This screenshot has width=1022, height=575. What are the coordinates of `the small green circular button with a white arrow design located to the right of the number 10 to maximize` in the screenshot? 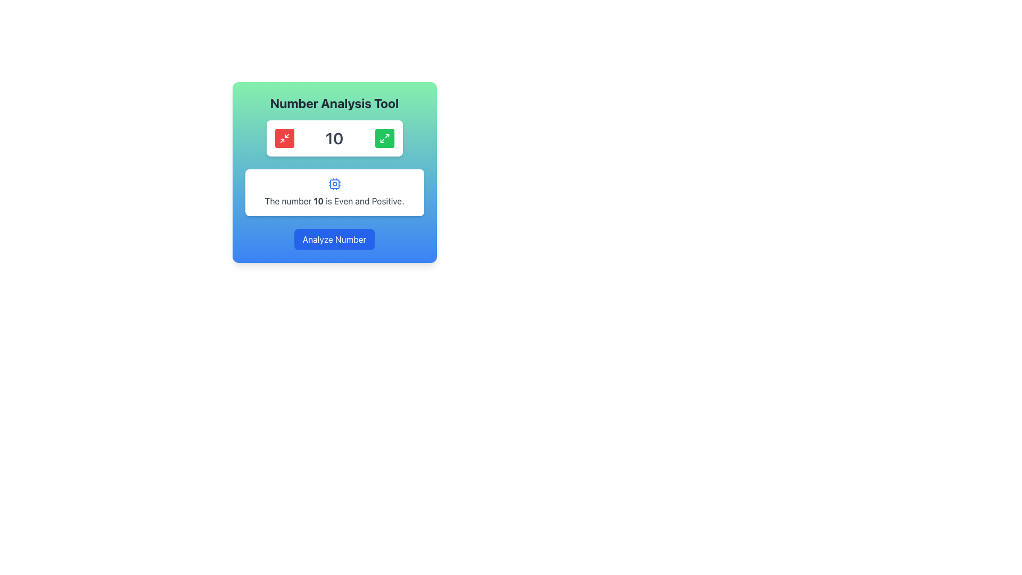 It's located at (384, 137).